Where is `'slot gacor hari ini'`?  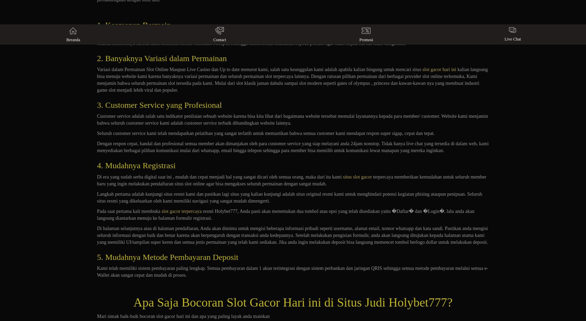 'slot gacor hari ini' is located at coordinates (438, 69).